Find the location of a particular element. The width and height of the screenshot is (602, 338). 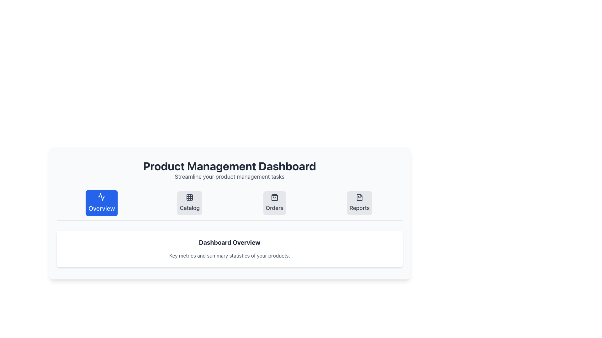

the 'Reports' button, which has a document icon and is located in the fourth position of the horizontal navigation menu is located at coordinates (359, 203).